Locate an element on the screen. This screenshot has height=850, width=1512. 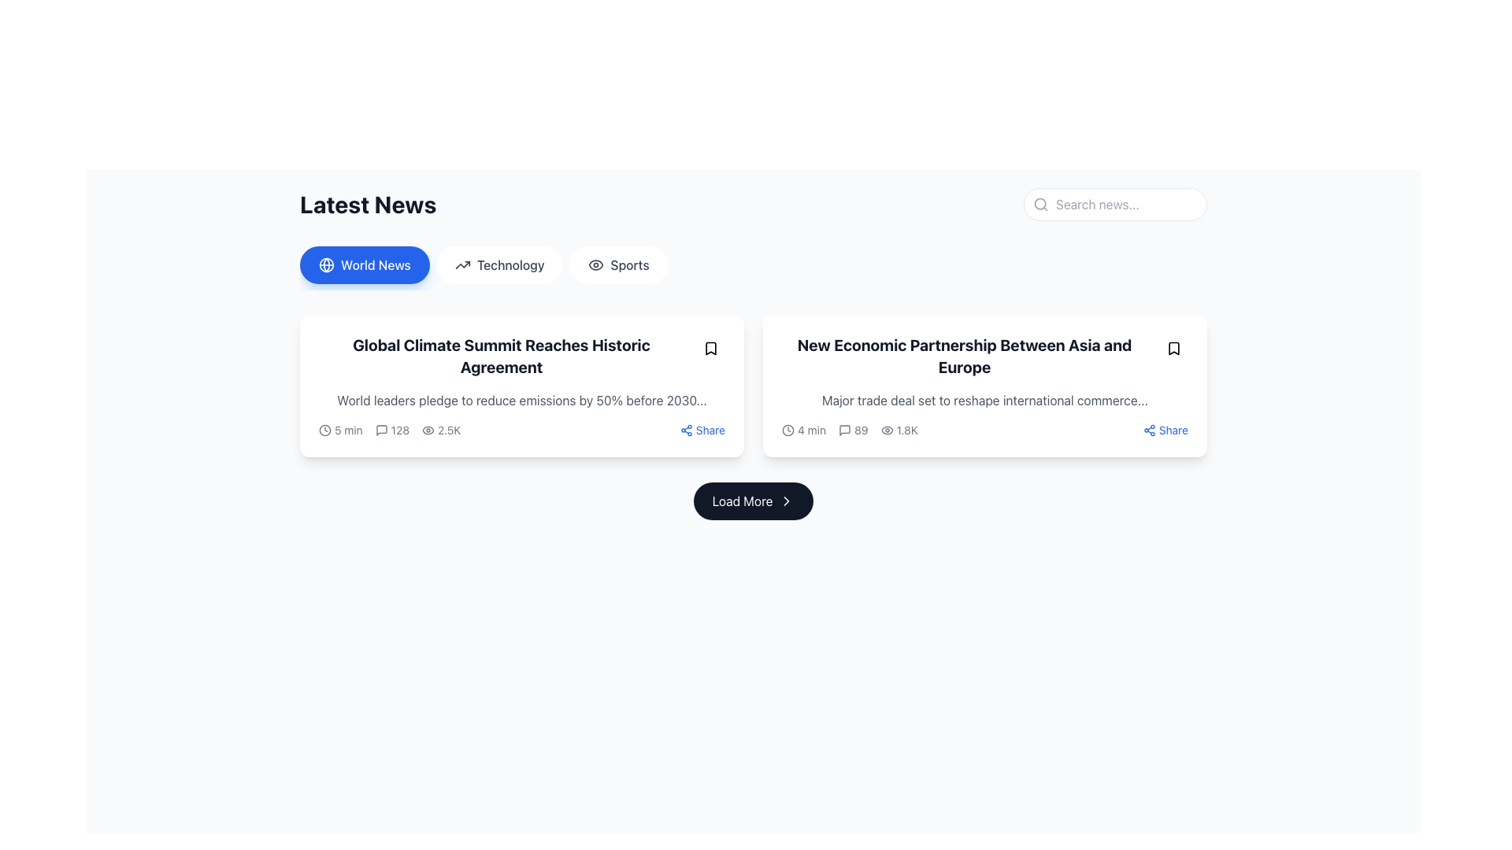
the eye-shaped icon located to the left of the '2.5K' text, which represents visibility or views is located at coordinates (428, 431).